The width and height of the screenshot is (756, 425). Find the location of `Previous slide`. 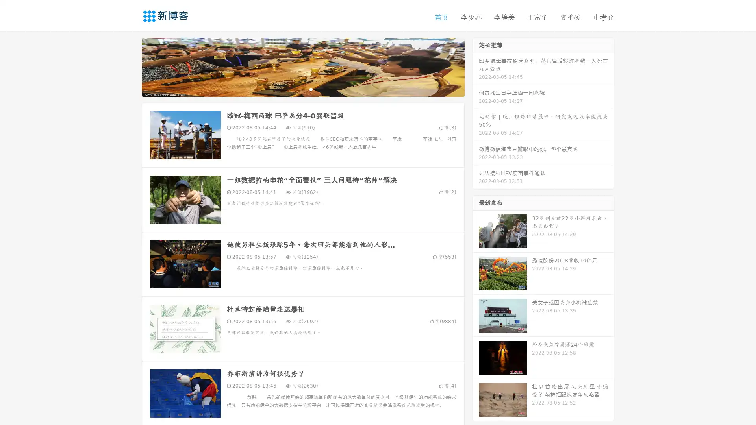

Previous slide is located at coordinates (130, 66).